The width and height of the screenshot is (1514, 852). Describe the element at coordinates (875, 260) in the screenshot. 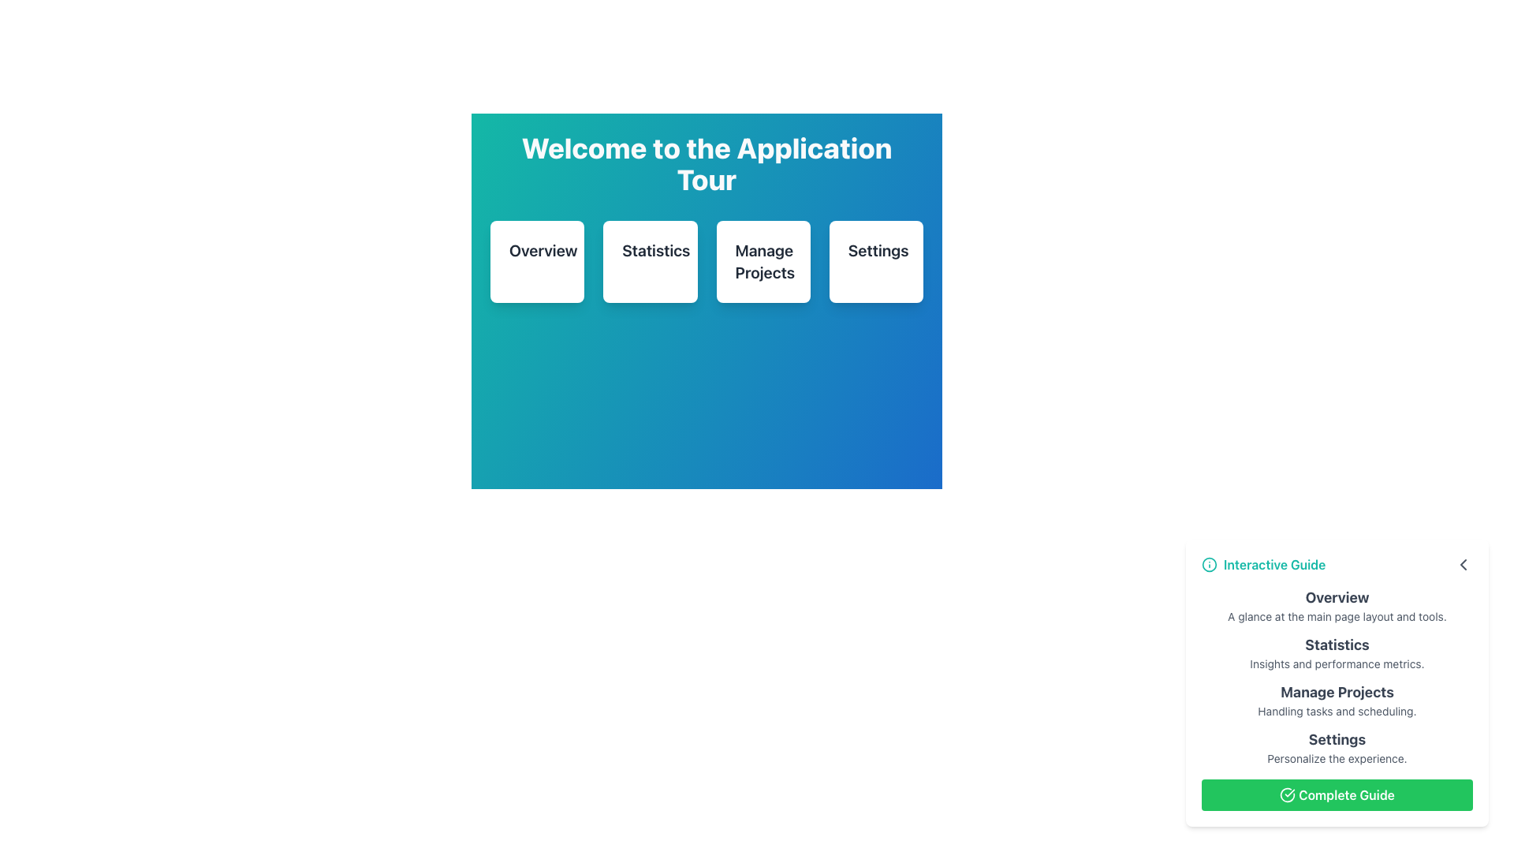

I see `the 'Settings' button, which is a rectangular white box with rounded corners and bold dark gray text` at that location.